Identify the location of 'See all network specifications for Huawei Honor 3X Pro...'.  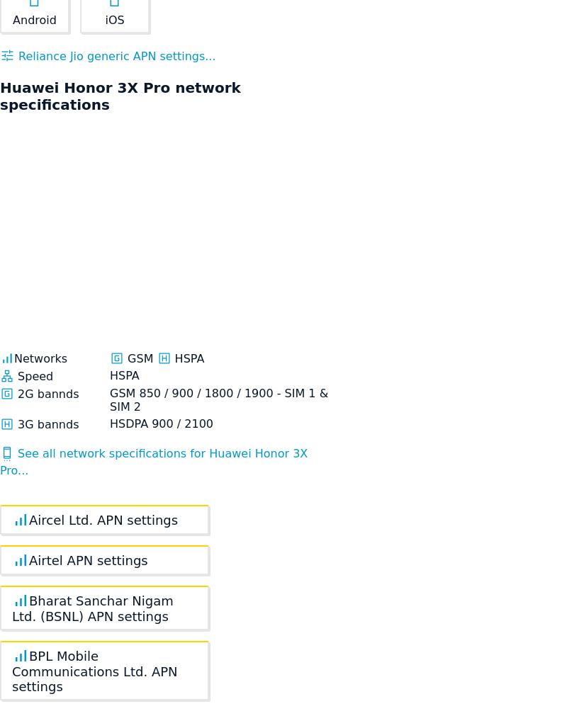
(0, 461).